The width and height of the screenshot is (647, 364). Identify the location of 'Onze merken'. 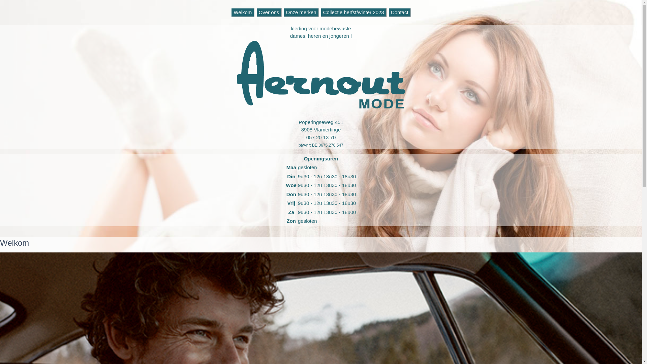
(301, 12).